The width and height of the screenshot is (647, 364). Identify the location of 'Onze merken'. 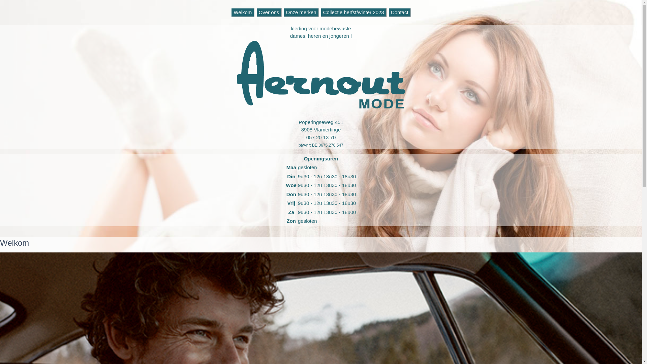
(301, 12).